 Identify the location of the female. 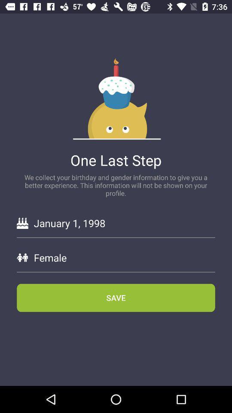
(124, 258).